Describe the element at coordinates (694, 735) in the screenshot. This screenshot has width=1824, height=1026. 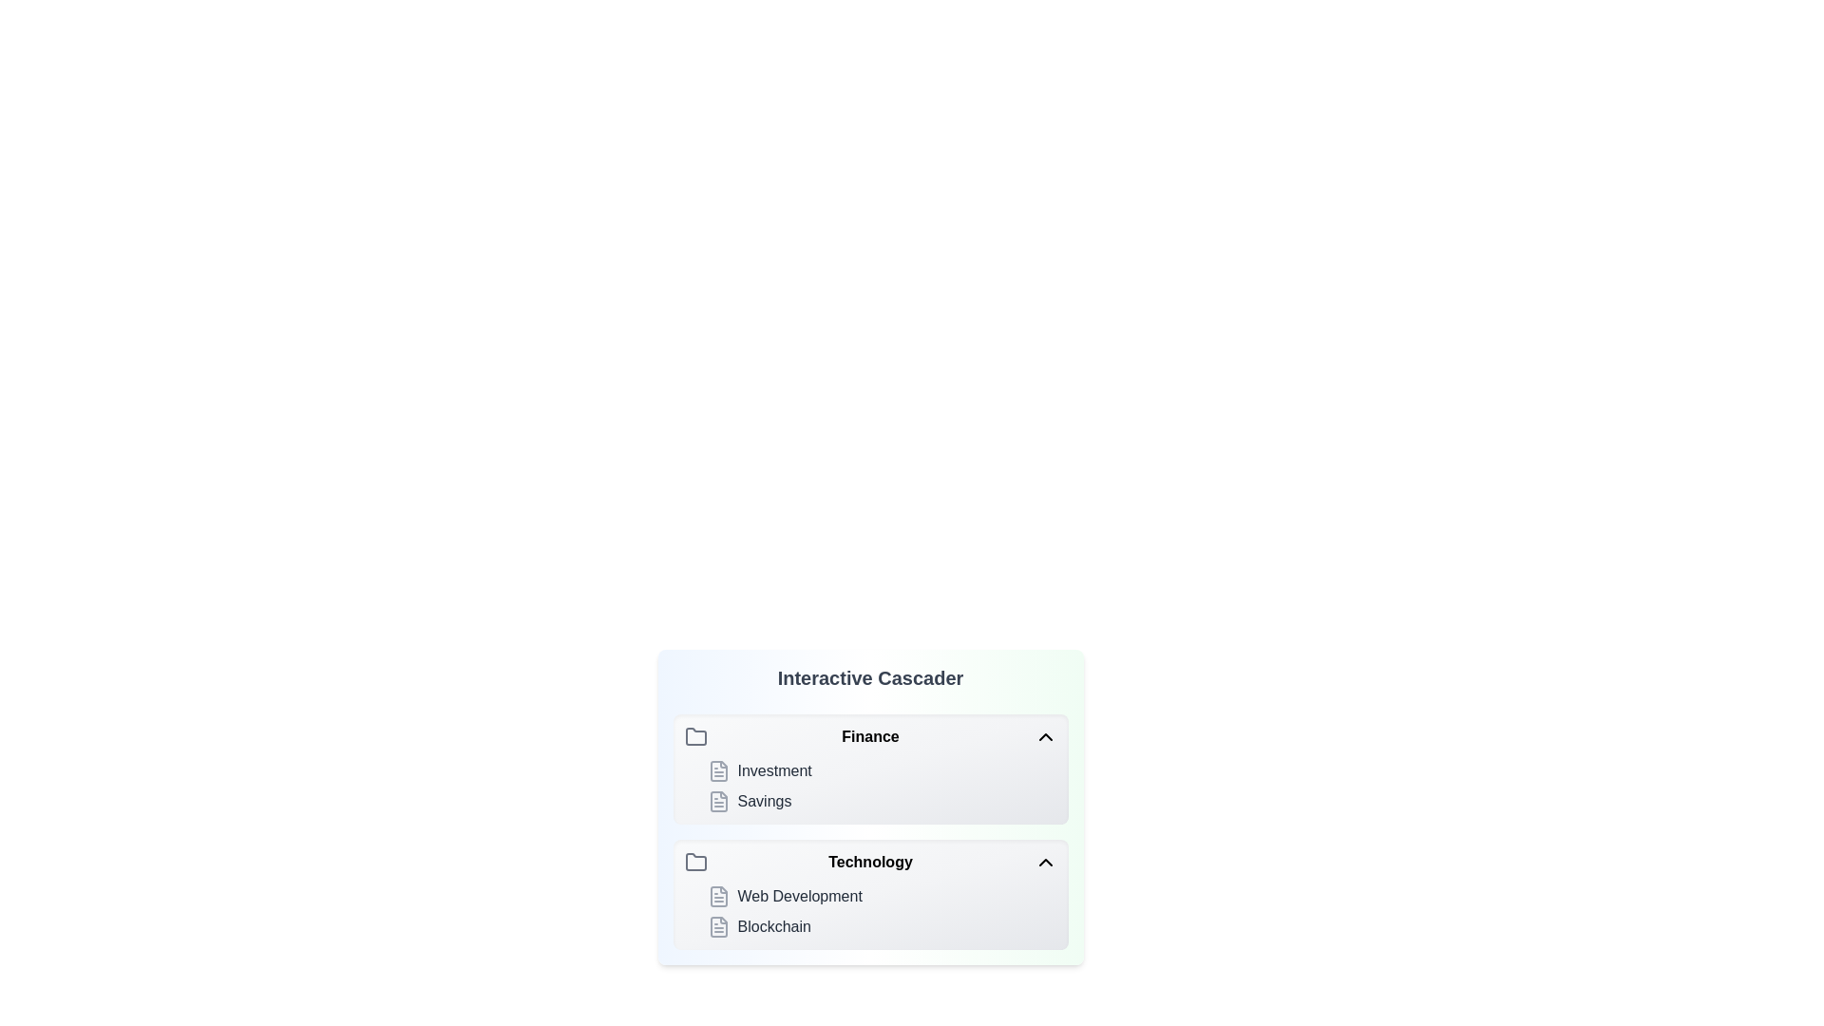
I see `the 'Finance' category icon, which is located at the top-left corner of the 'Finance' section, adjacent to the 'Finance' label` at that location.